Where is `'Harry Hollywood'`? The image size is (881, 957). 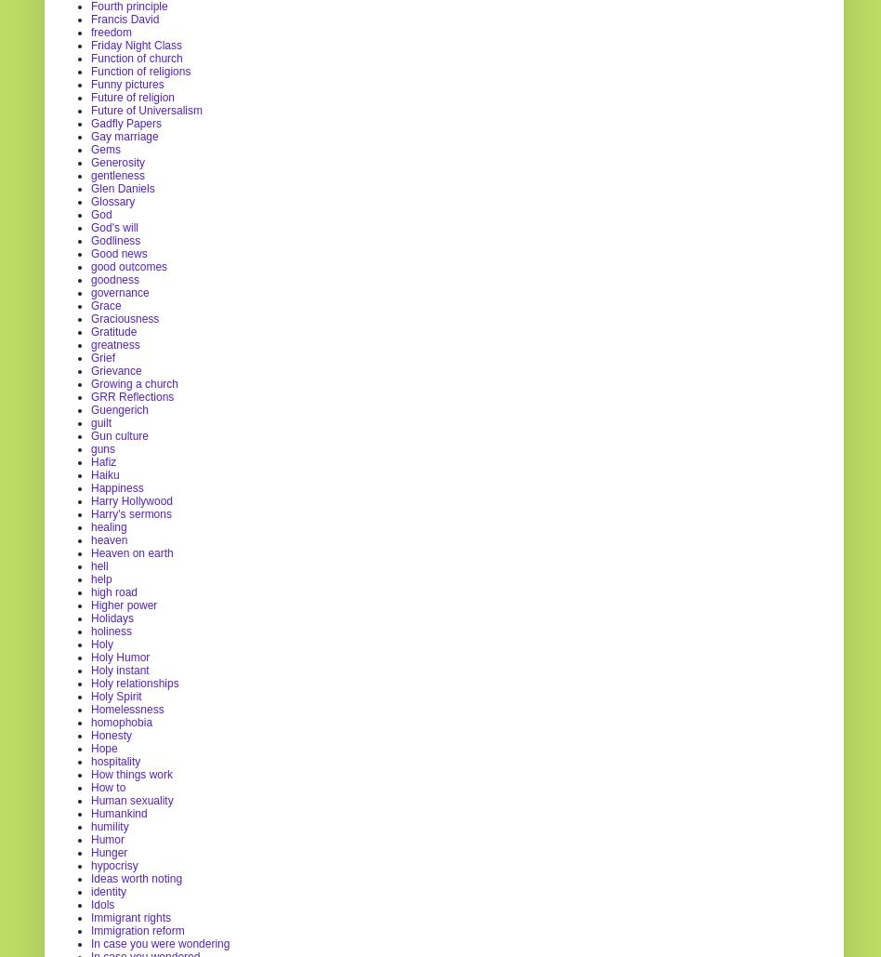 'Harry Hollywood' is located at coordinates (131, 498).